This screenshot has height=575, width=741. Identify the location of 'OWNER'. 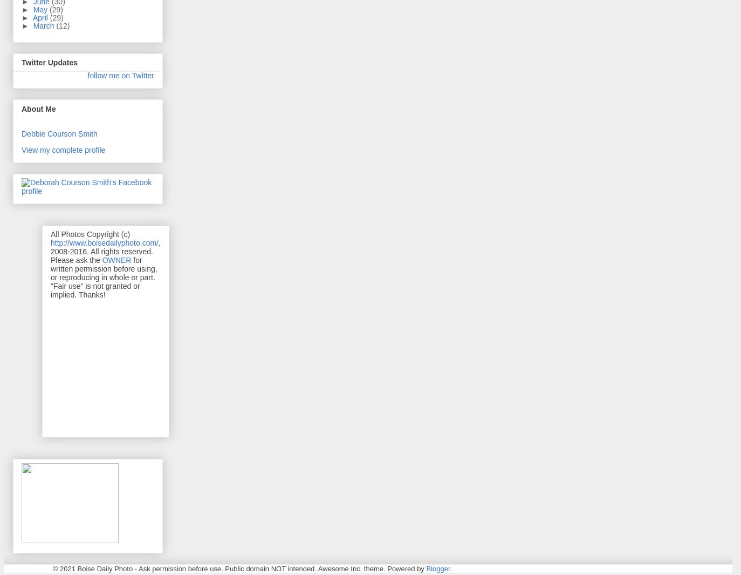
(115, 259).